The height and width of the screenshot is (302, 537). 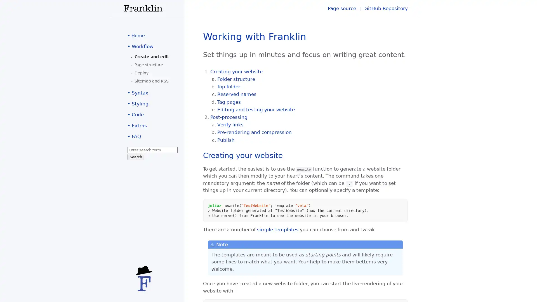 I want to click on Search, so click(x=136, y=157).